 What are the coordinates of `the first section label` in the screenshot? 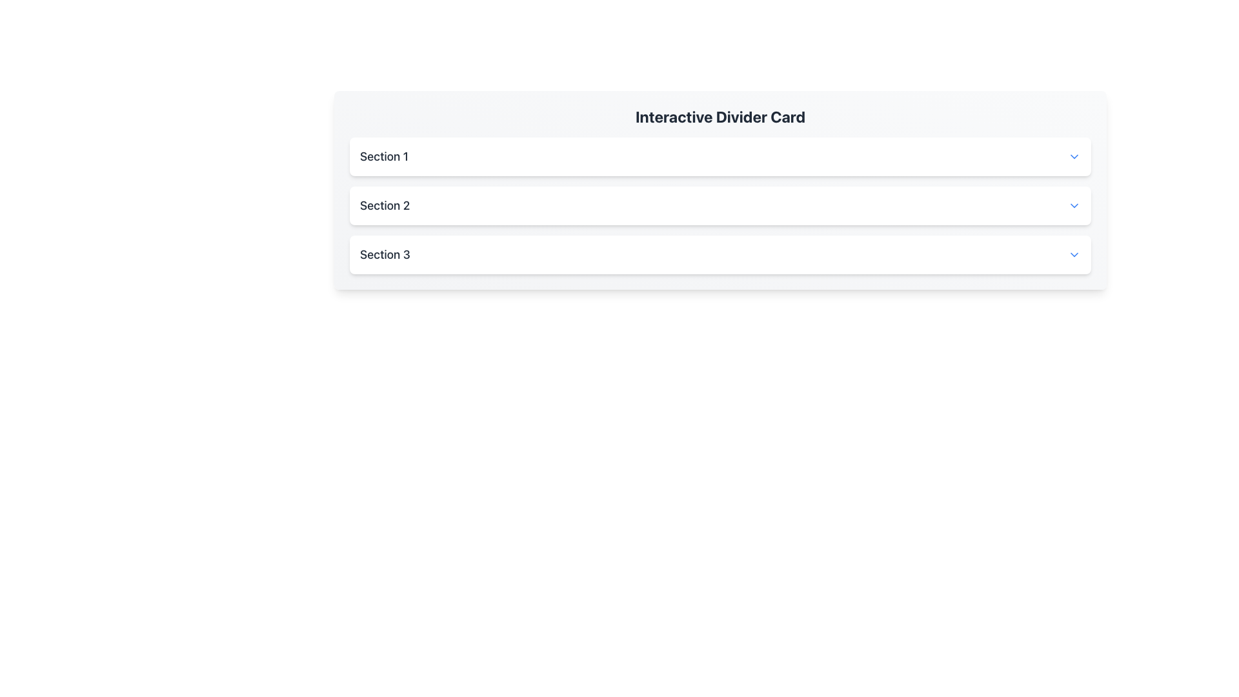 It's located at (383, 156).